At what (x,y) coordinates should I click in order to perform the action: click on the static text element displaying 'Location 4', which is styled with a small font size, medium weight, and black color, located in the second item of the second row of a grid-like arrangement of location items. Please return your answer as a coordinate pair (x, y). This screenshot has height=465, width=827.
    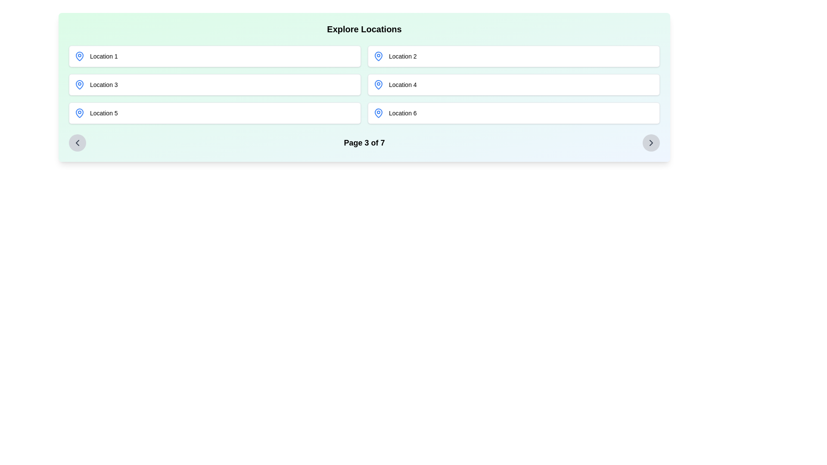
    Looking at the image, I should click on (402, 84).